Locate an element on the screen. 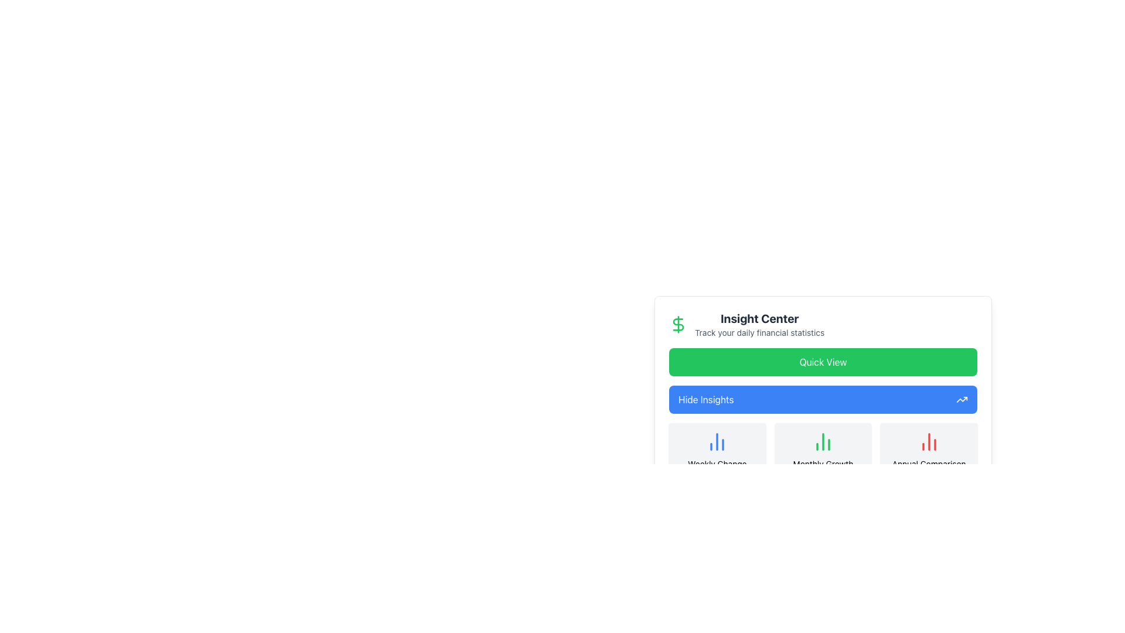 This screenshot has width=1125, height=633. the rightmost icon in the panel below the title 'Annual Comparison' for more information or actions related to financial statistics is located at coordinates (928, 441).